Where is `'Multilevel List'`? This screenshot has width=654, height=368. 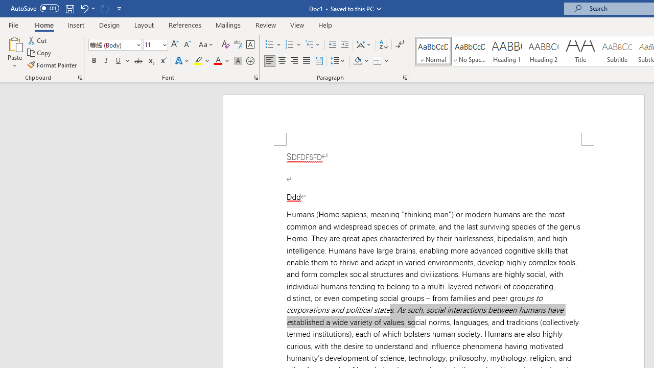
'Multilevel List' is located at coordinates (313, 44).